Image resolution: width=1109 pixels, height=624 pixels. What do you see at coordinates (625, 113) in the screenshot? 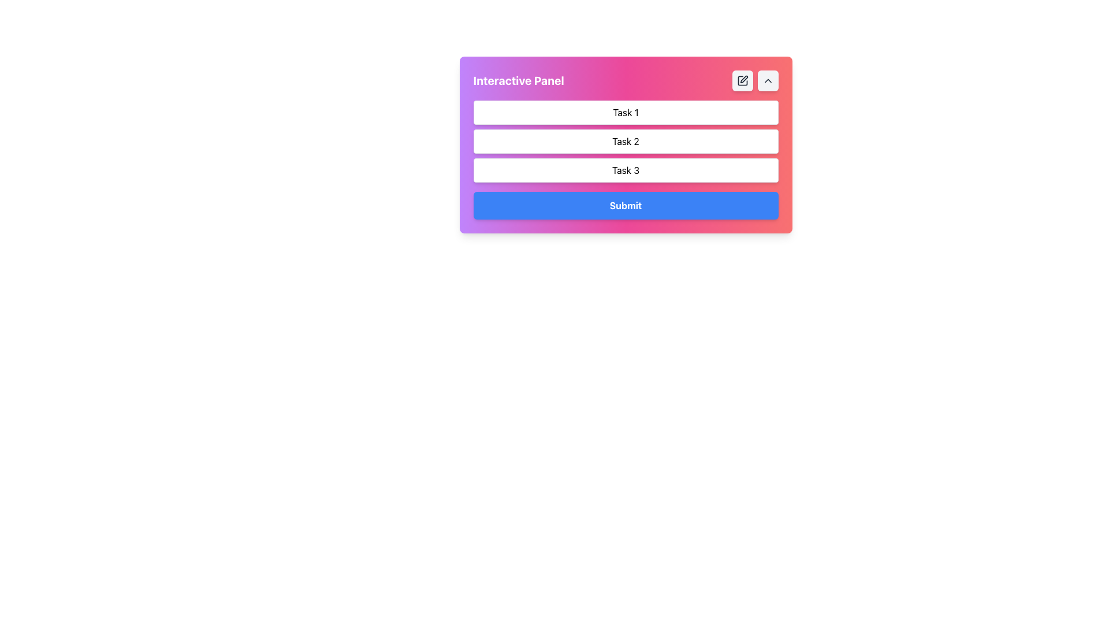
I see `the text box representing 'Task 1'` at bounding box center [625, 113].